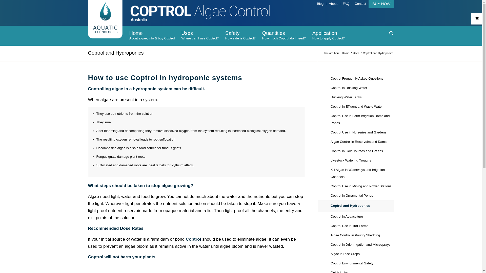 The image size is (486, 273). Describe the element at coordinates (360, 4) in the screenshot. I see `'Contact'` at that location.